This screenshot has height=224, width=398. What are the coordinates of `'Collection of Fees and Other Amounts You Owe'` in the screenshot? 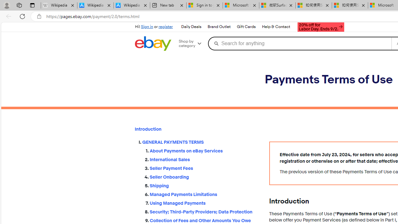 It's located at (204, 219).